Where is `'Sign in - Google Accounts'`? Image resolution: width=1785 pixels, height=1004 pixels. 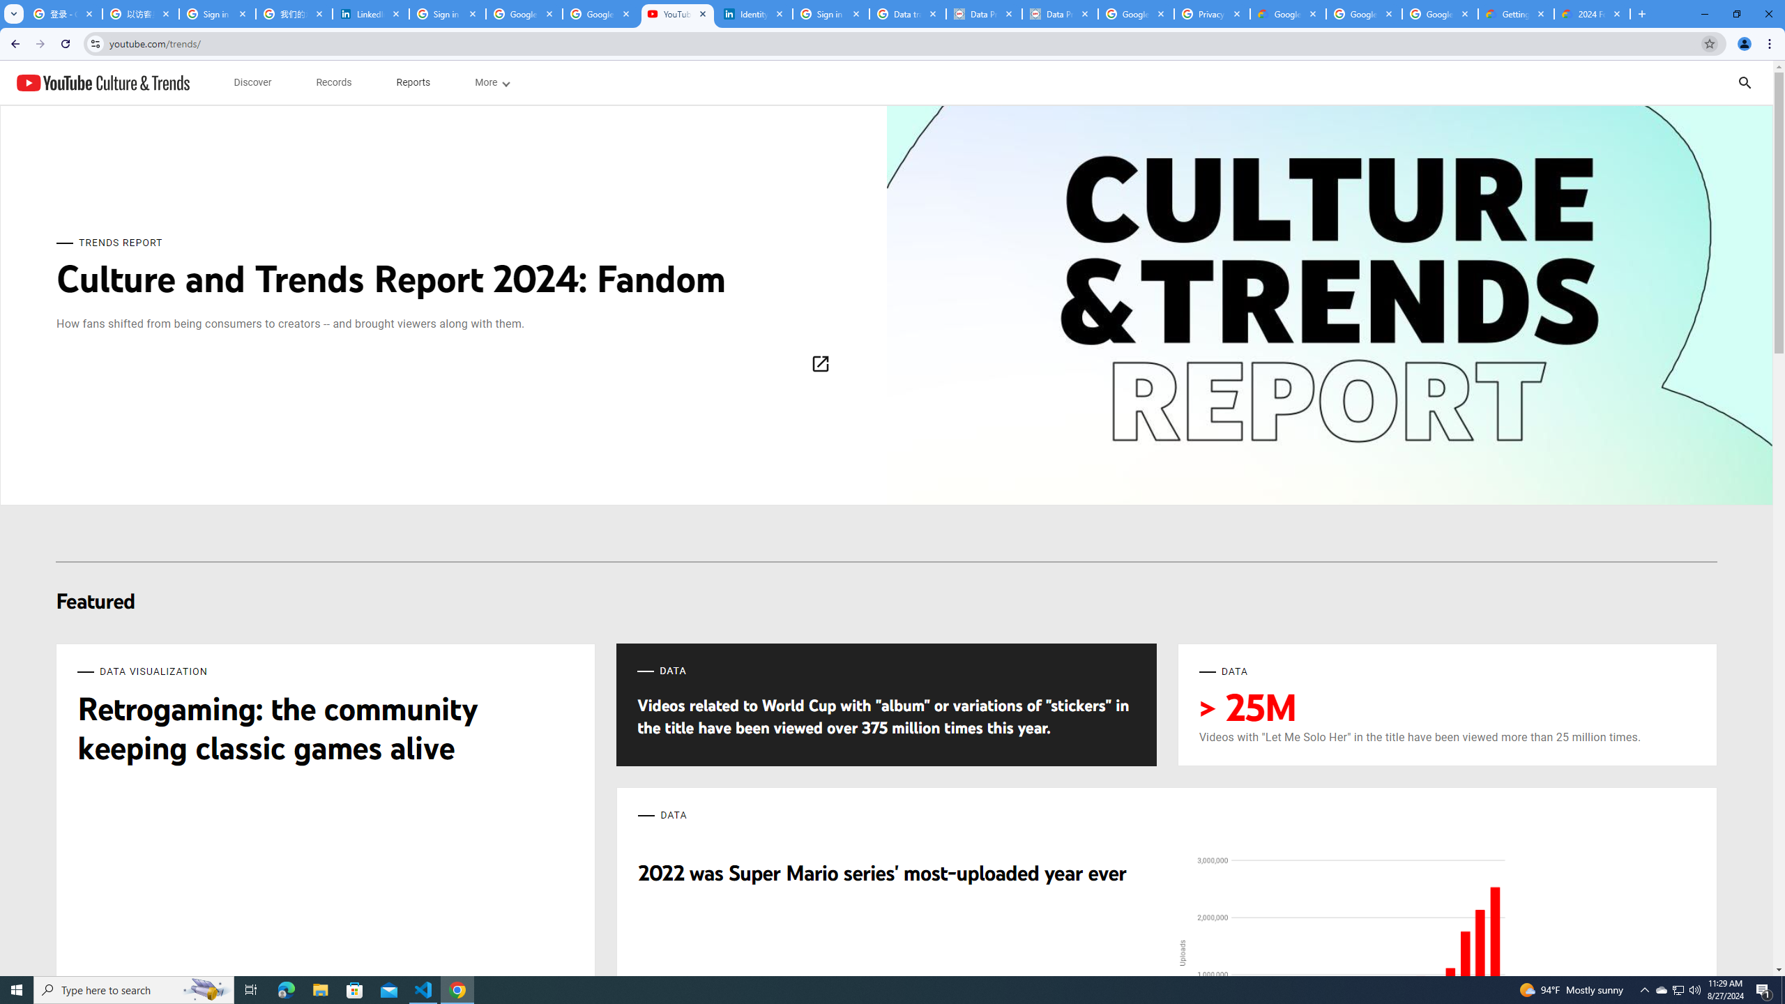 'Sign in - Google Accounts' is located at coordinates (830, 13).